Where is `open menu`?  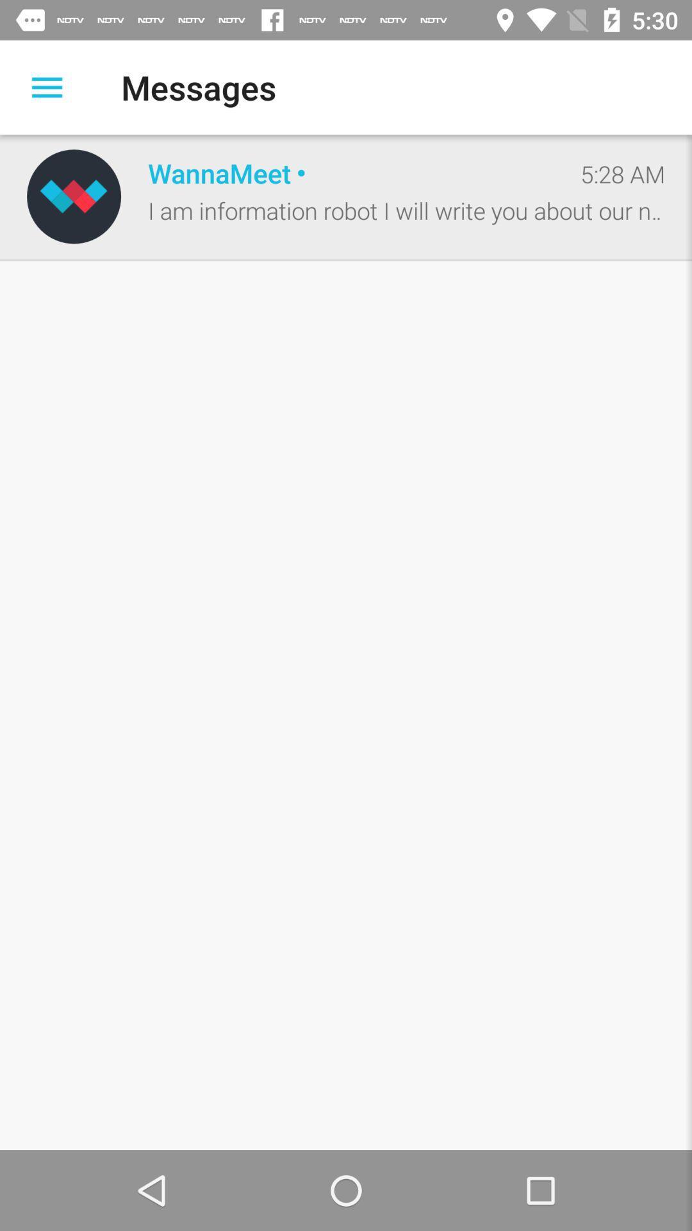 open menu is located at coordinates (46, 87).